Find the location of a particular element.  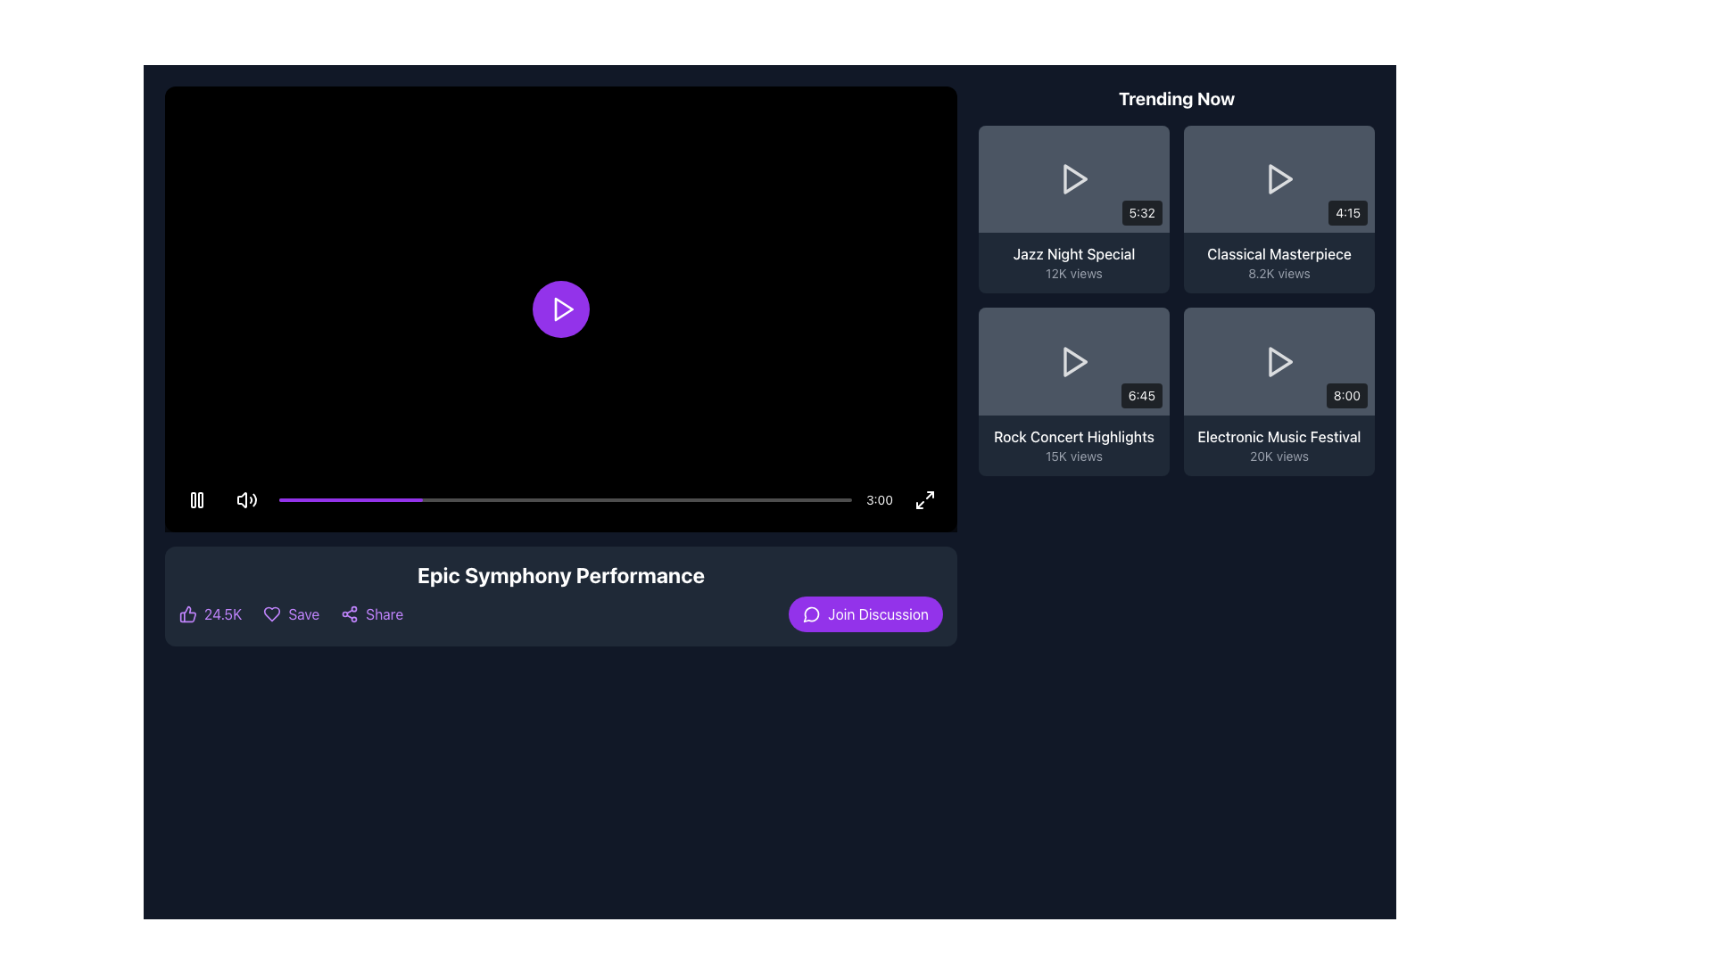

the text label titled 'Jazz Night Special' in the 'Trending Now' section to interact with the associated video is located at coordinates (1073, 254).